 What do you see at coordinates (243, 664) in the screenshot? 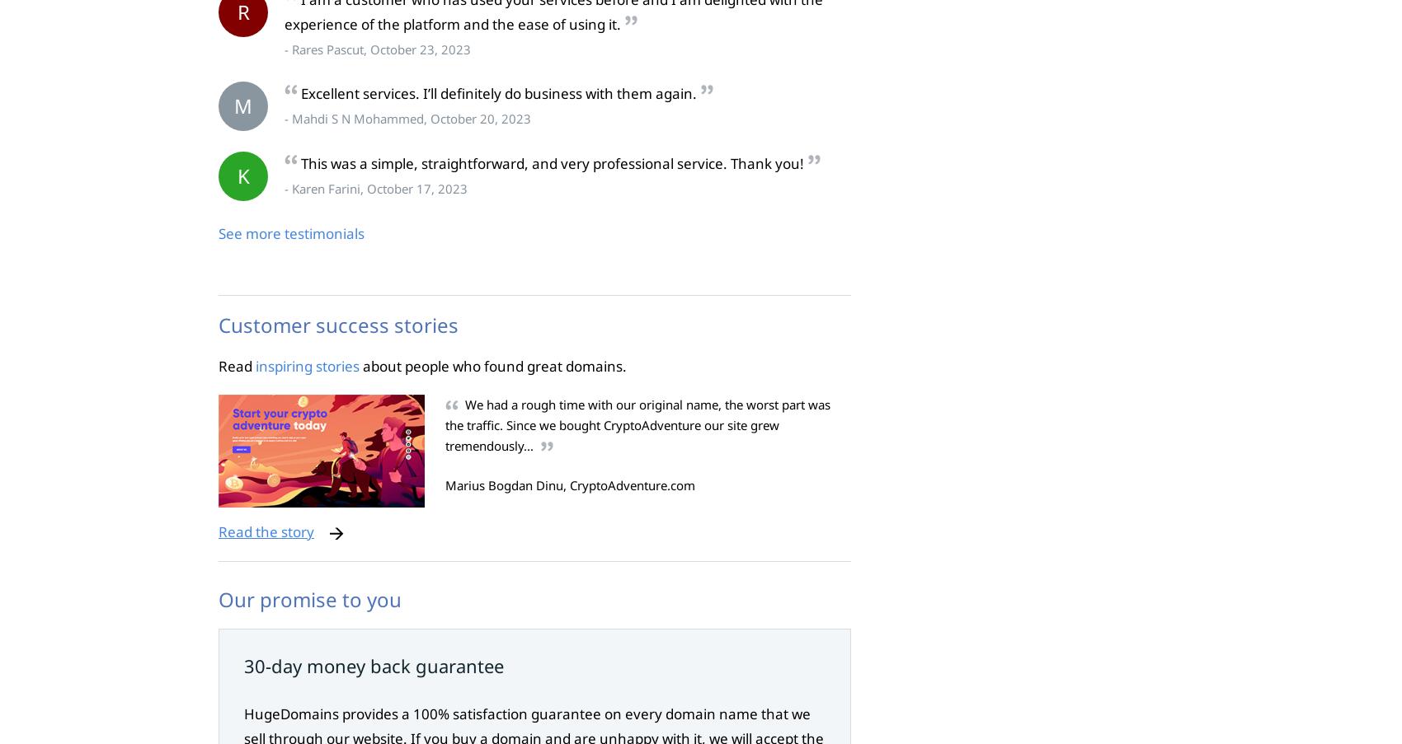
I see `'30-day money back guarantee'` at bounding box center [243, 664].